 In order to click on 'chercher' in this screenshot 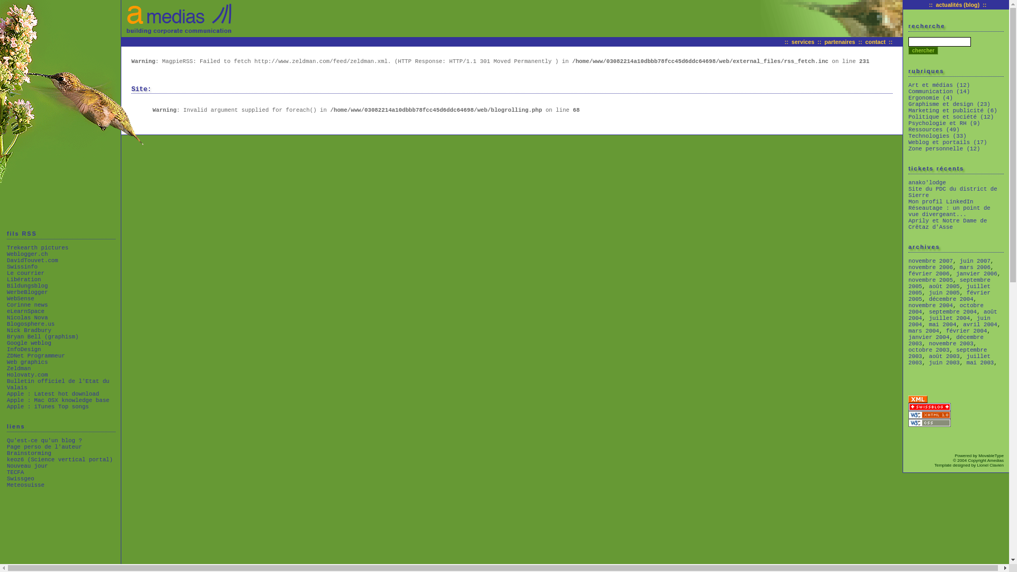, I will do `click(922, 50)`.